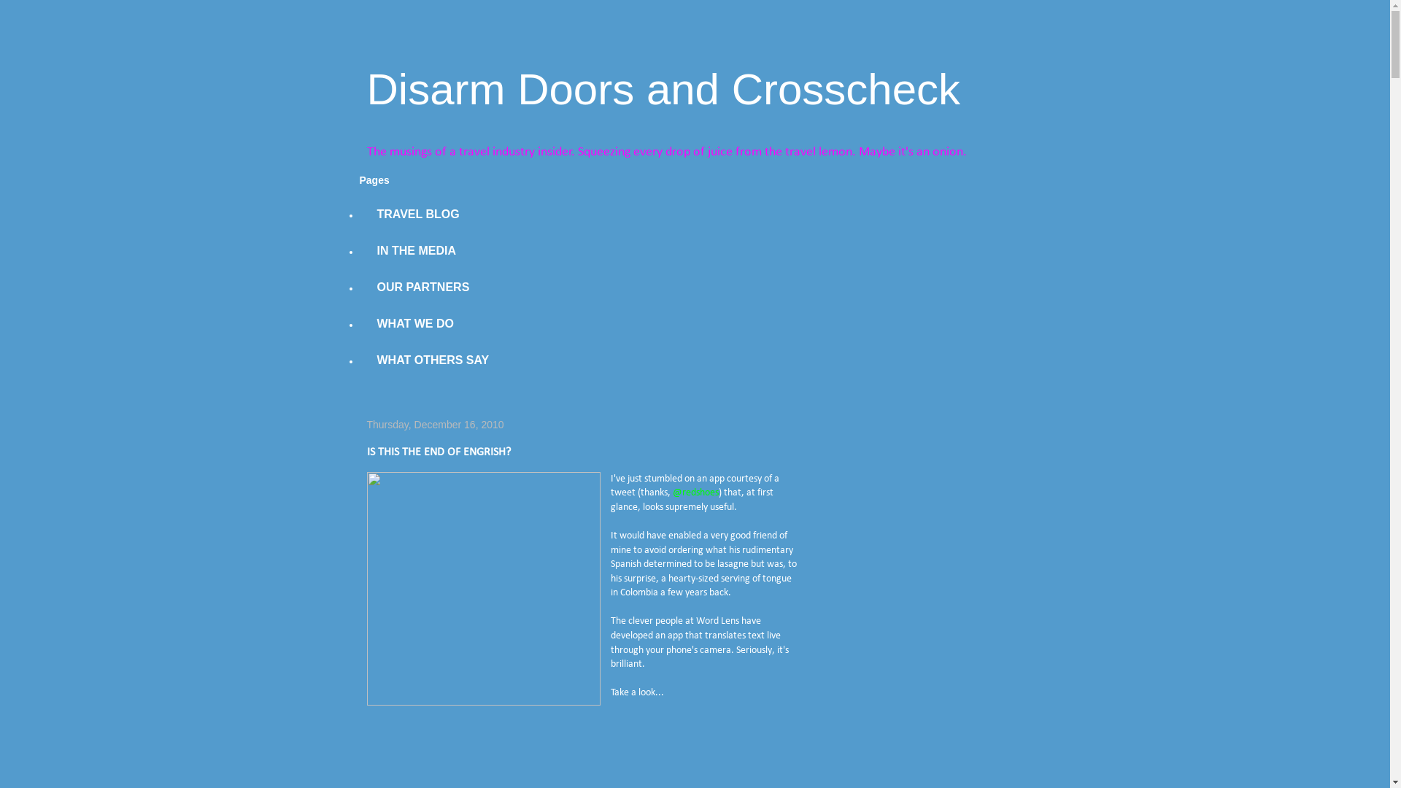 The width and height of the screenshot is (1401, 788). What do you see at coordinates (671, 492) in the screenshot?
I see `'@redshoes'` at bounding box center [671, 492].